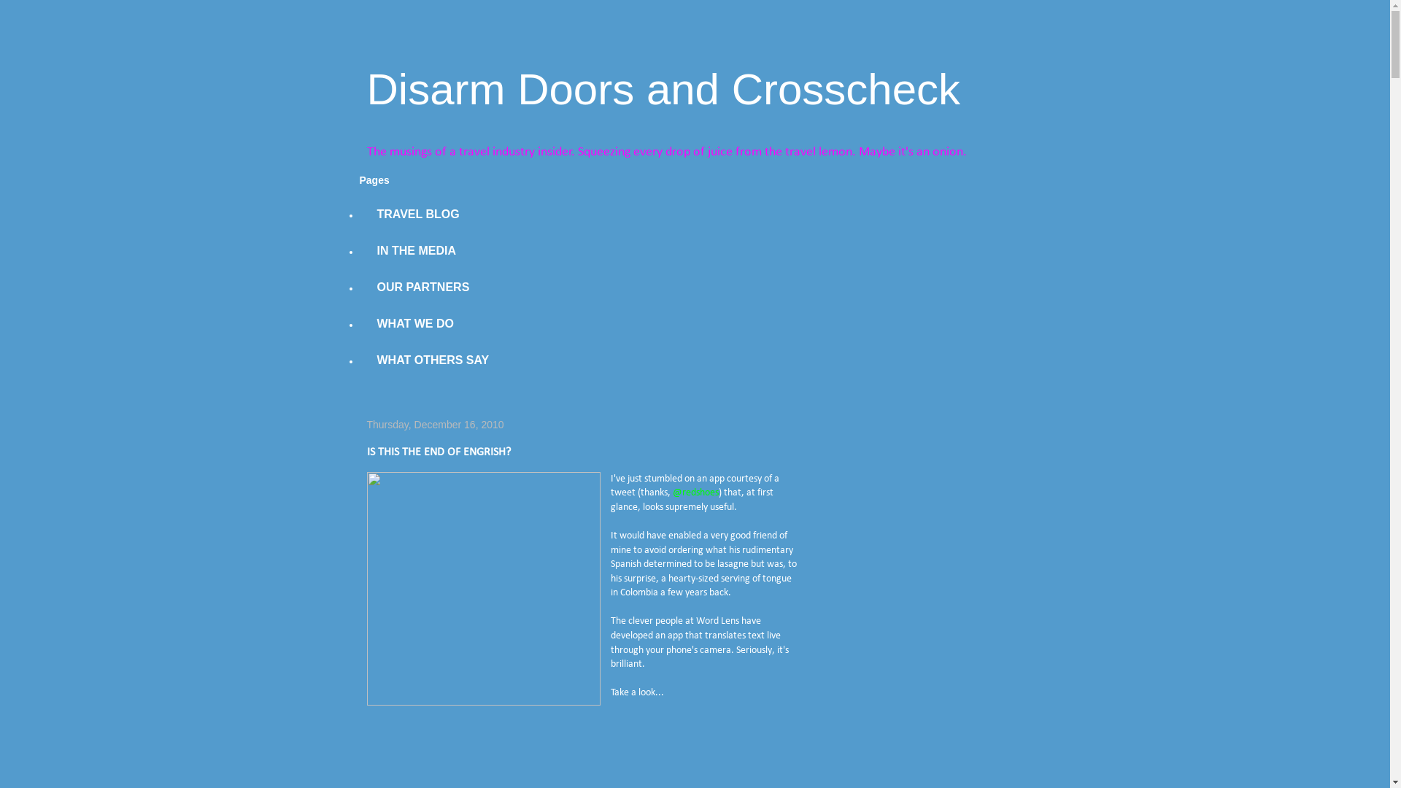 The width and height of the screenshot is (1401, 788). What do you see at coordinates (671, 492) in the screenshot?
I see `'@redshoes'` at bounding box center [671, 492].